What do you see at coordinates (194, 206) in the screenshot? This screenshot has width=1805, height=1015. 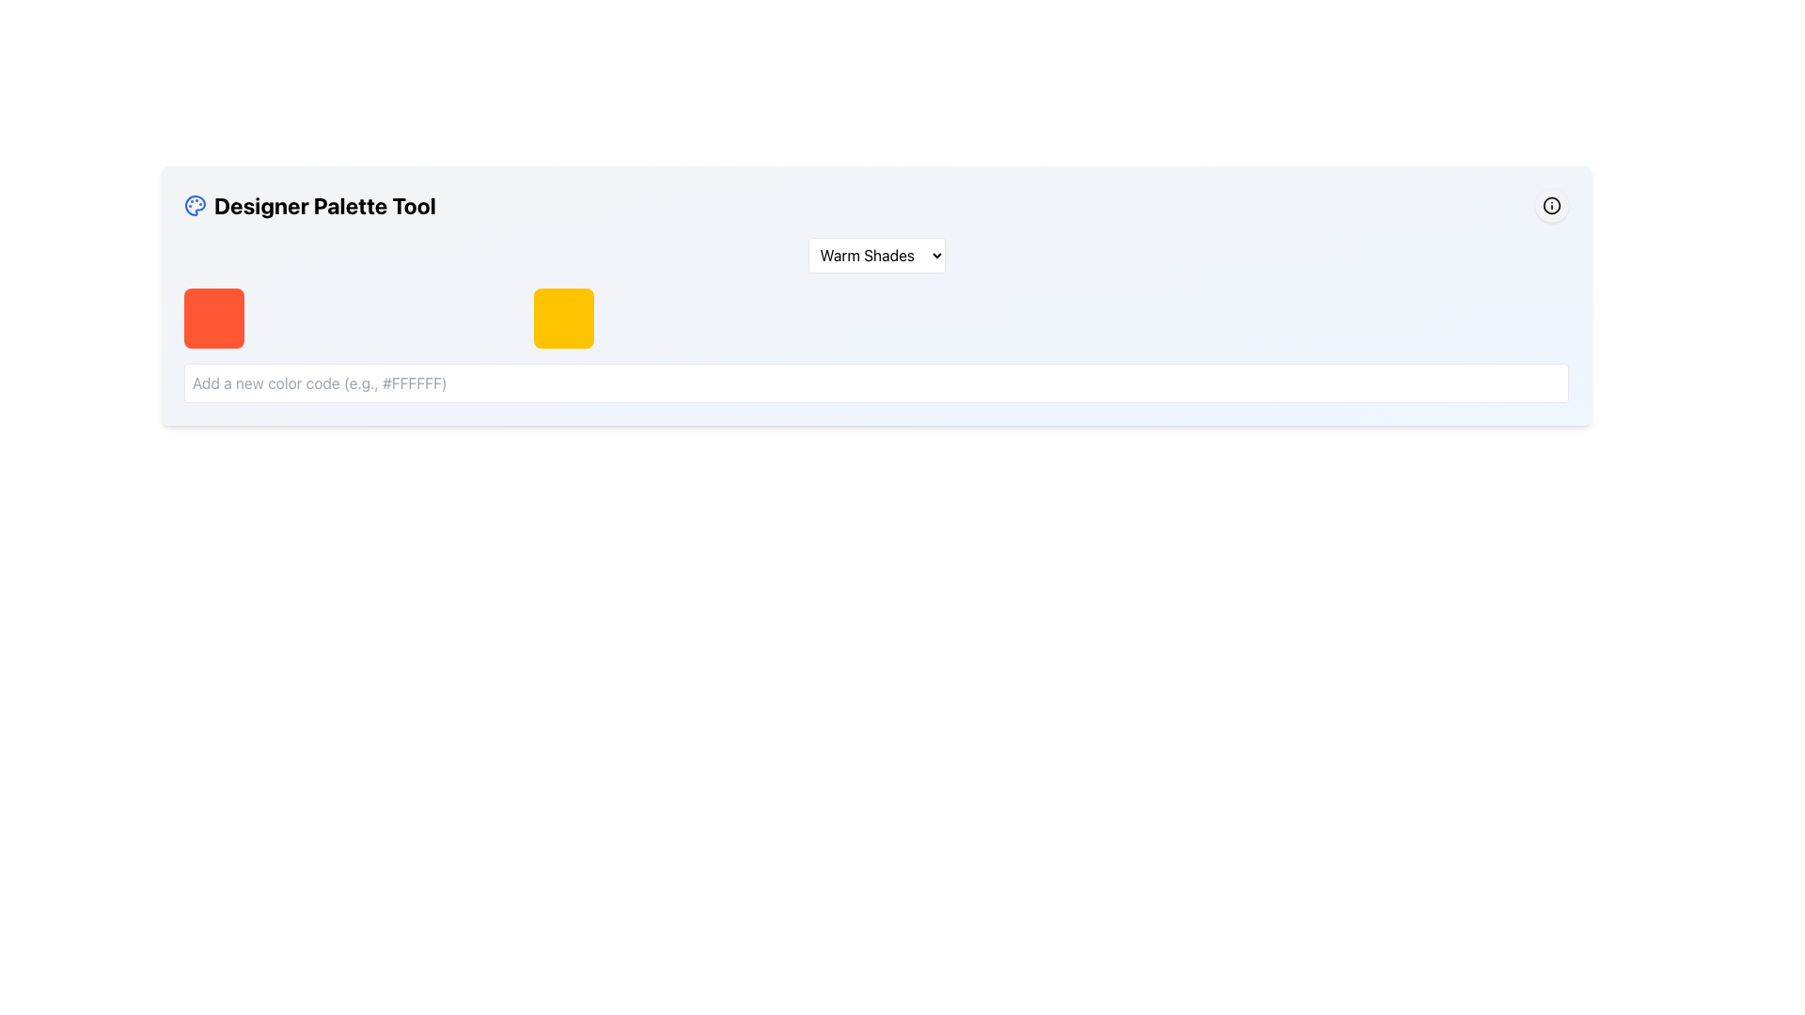 I see `the color palette icon located adjacent to the text 'Designer Palette Tool' in the top-left region of the interface` at bounding box center [194, 206].